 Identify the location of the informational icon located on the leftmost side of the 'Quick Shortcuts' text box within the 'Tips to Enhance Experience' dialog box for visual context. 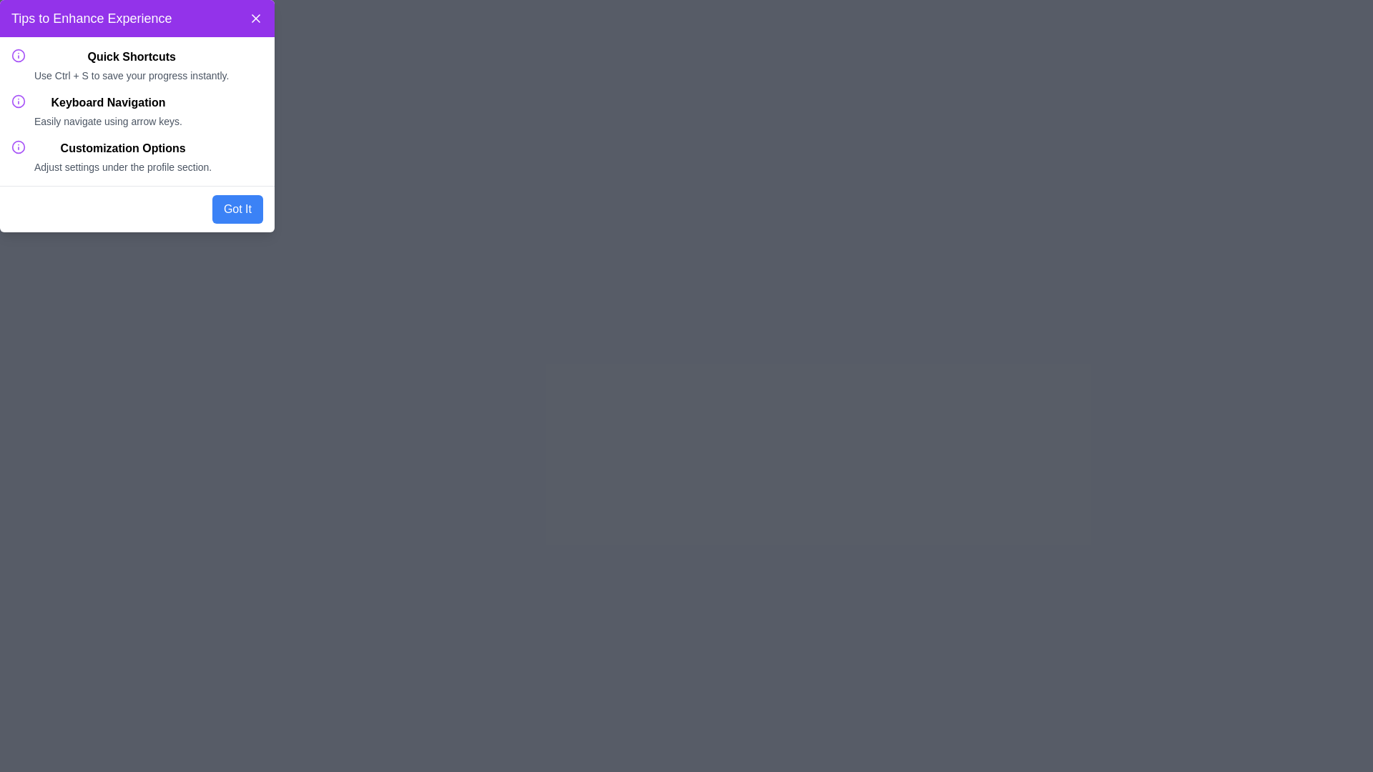
(18, 54).